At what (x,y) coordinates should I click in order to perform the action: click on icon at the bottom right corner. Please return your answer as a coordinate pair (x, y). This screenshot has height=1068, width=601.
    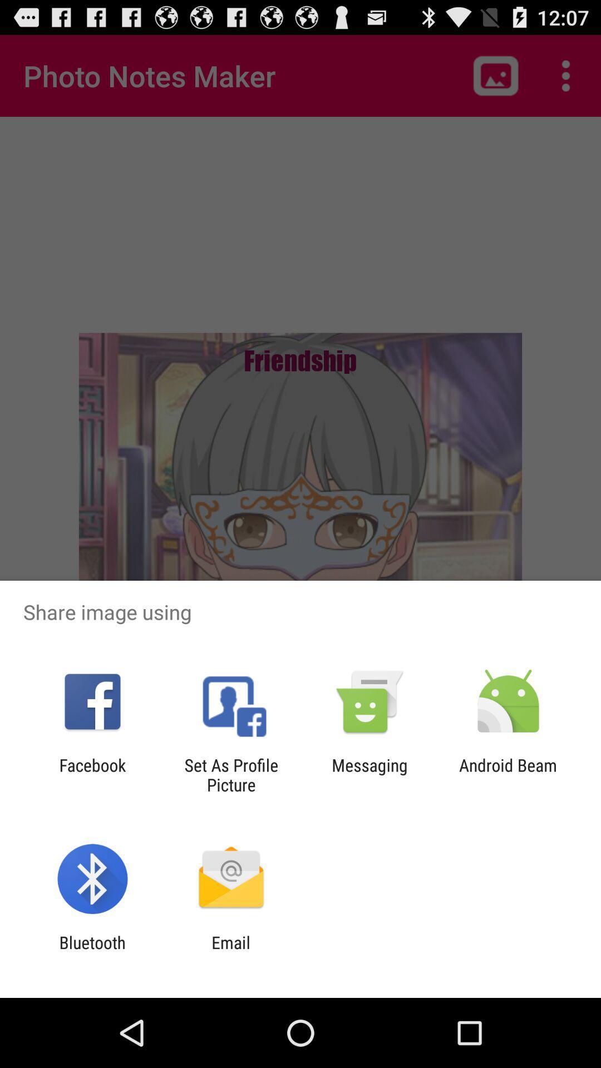
    Looking at the image, I should click on (508, 774).